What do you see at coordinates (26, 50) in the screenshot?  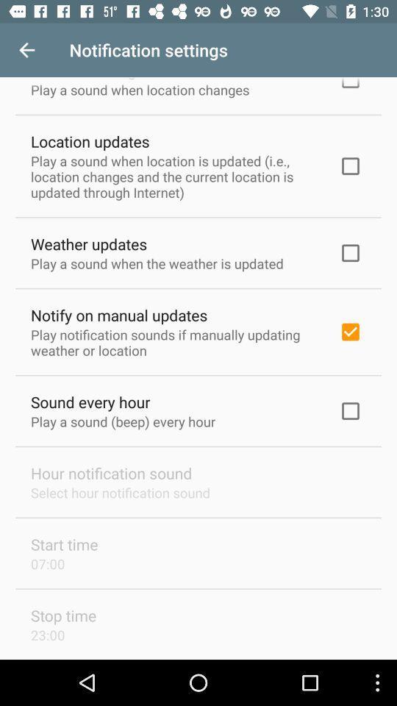 I see `item above location changes icon` at bounding box center [26, 50].